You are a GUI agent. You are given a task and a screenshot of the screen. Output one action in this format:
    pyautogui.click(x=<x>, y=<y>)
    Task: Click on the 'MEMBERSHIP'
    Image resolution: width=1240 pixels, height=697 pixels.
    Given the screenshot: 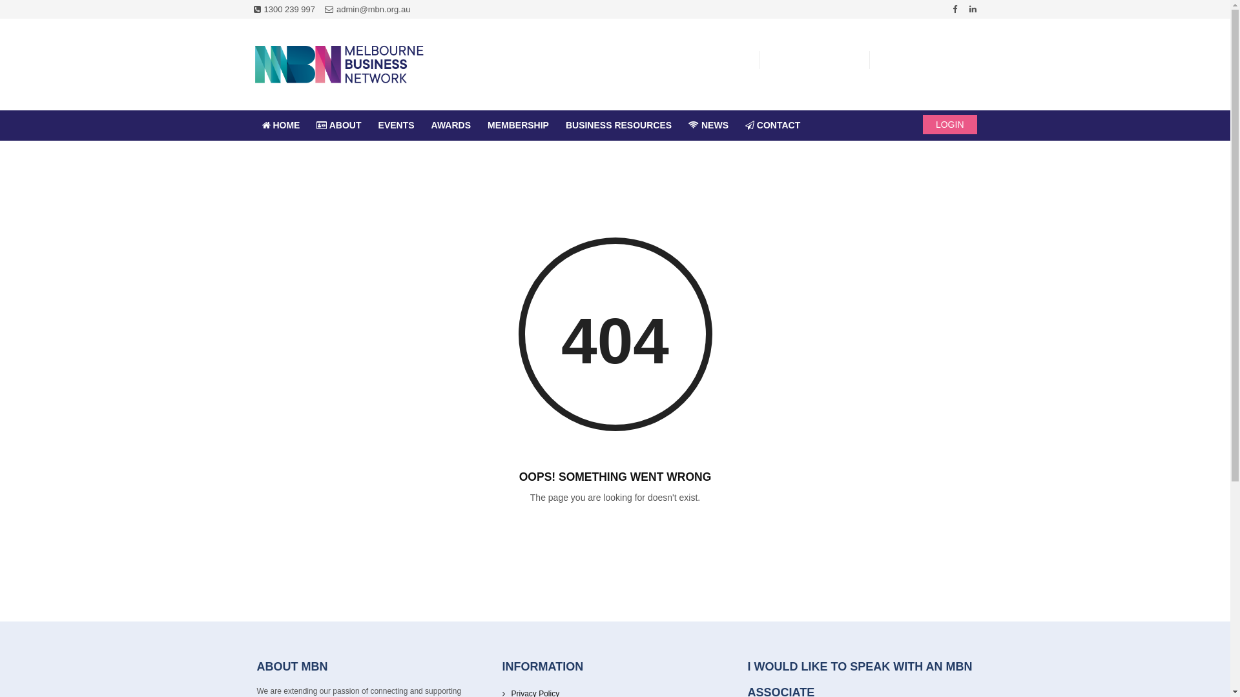 What is the action you would take?
    pyautogui.click(x=518, y=125)
    